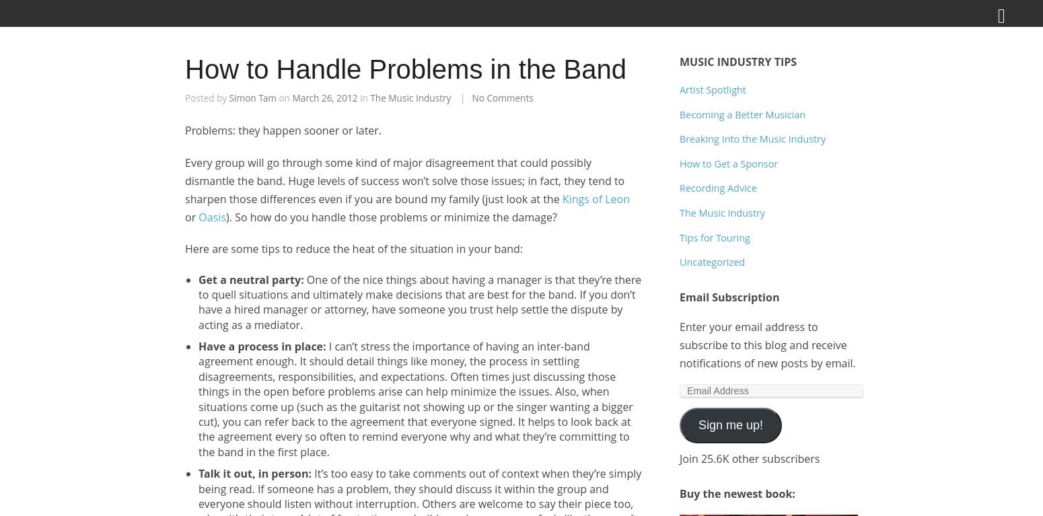  I want to click on 'Here are some tips to reduce the heat of the situation in your band:', so click(353, 248).